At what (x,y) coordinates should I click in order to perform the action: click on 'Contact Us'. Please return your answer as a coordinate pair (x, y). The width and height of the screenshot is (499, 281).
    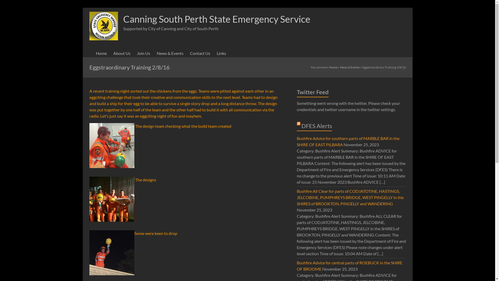
    Looking at the image, I should click on (199, 53).